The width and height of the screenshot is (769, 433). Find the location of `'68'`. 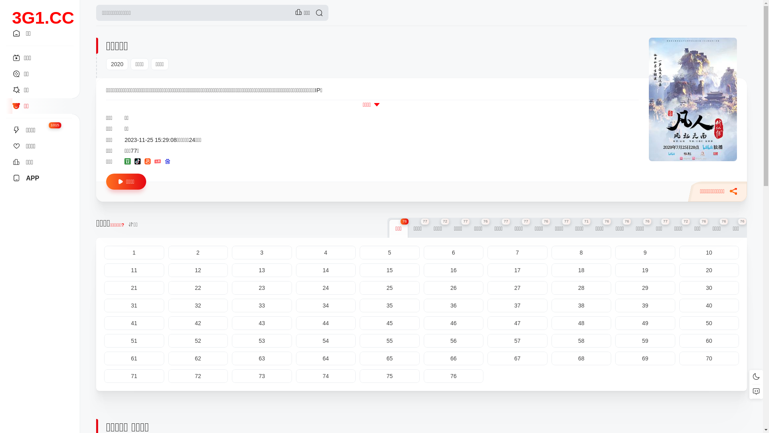

'68' is located at coordinates (581, 358).